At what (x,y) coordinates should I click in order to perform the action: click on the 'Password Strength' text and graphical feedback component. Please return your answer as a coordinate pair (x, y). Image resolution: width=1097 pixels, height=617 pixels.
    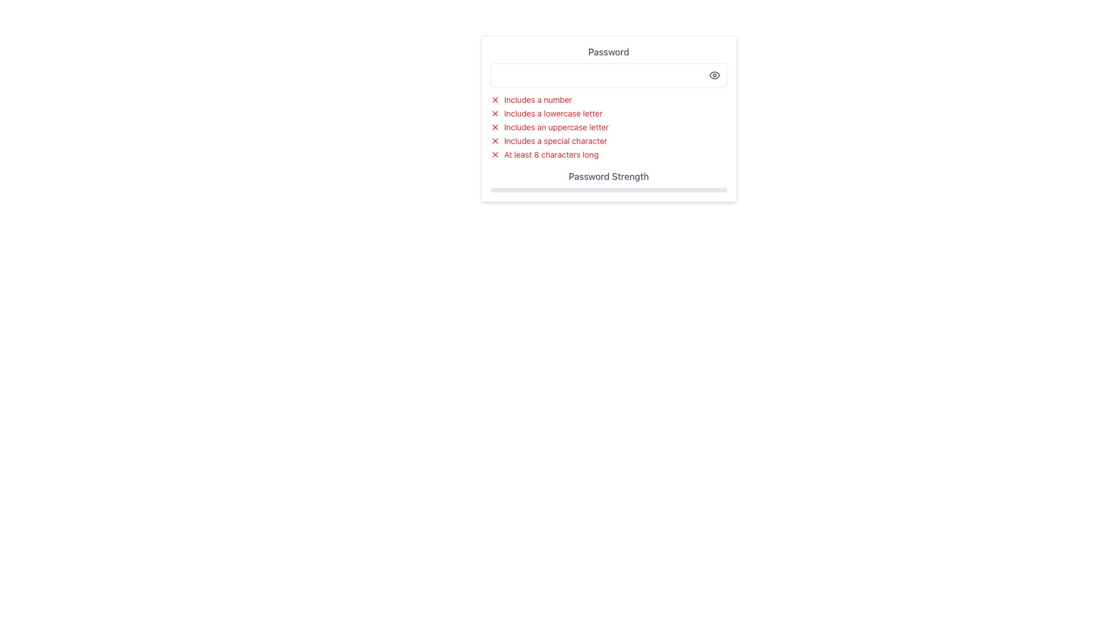
    Looking at the image, I should click on (608, 180).